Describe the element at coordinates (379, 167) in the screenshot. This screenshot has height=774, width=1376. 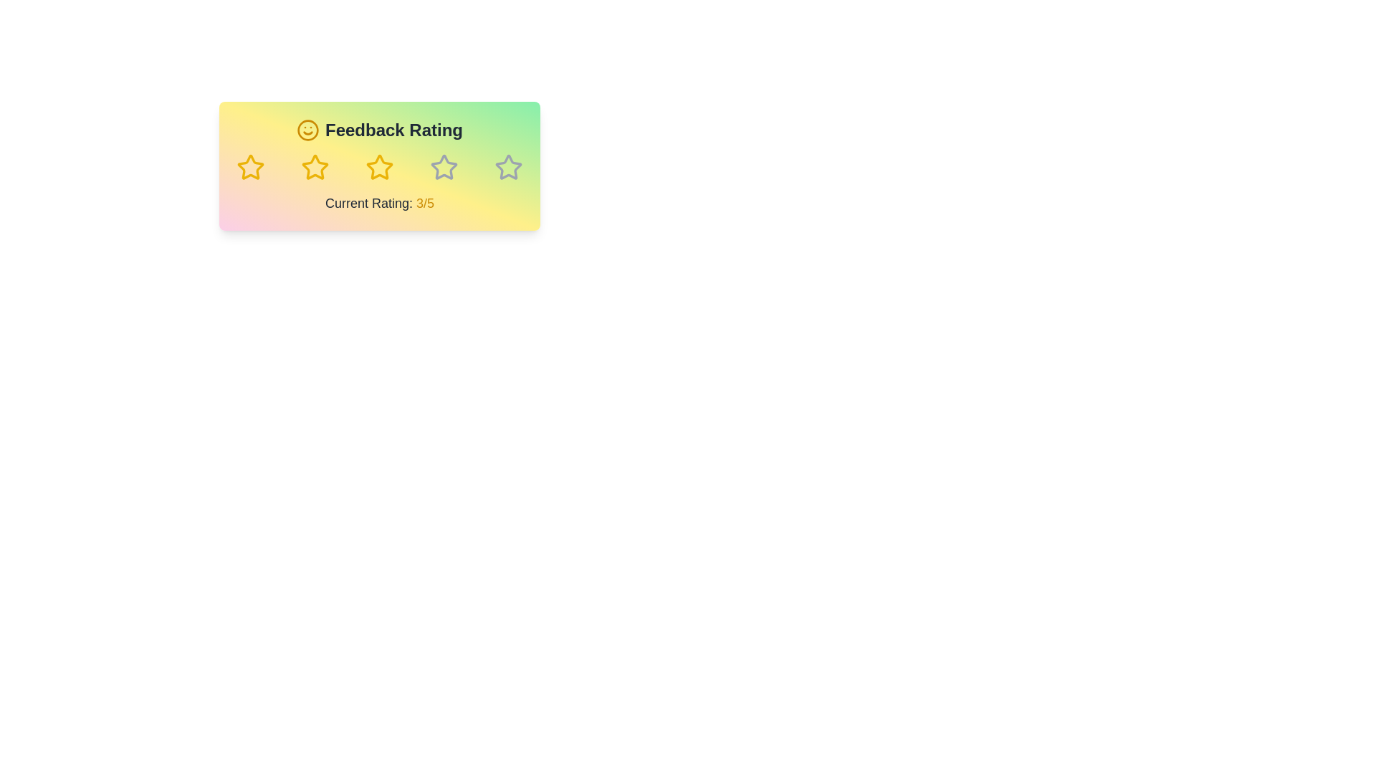
I see `the feedback rating to 3 stars by clicking on the corresponding star` at that location.